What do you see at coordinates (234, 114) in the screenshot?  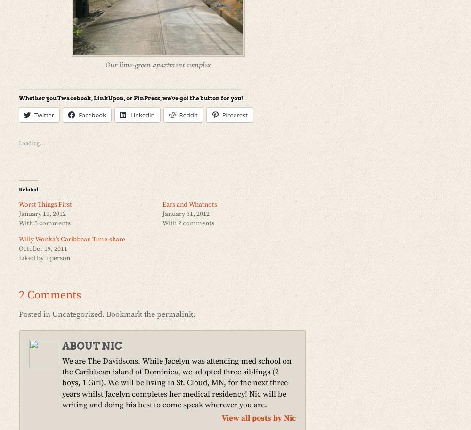 I see `'Pinterest'` at bounding box center [234, 114].